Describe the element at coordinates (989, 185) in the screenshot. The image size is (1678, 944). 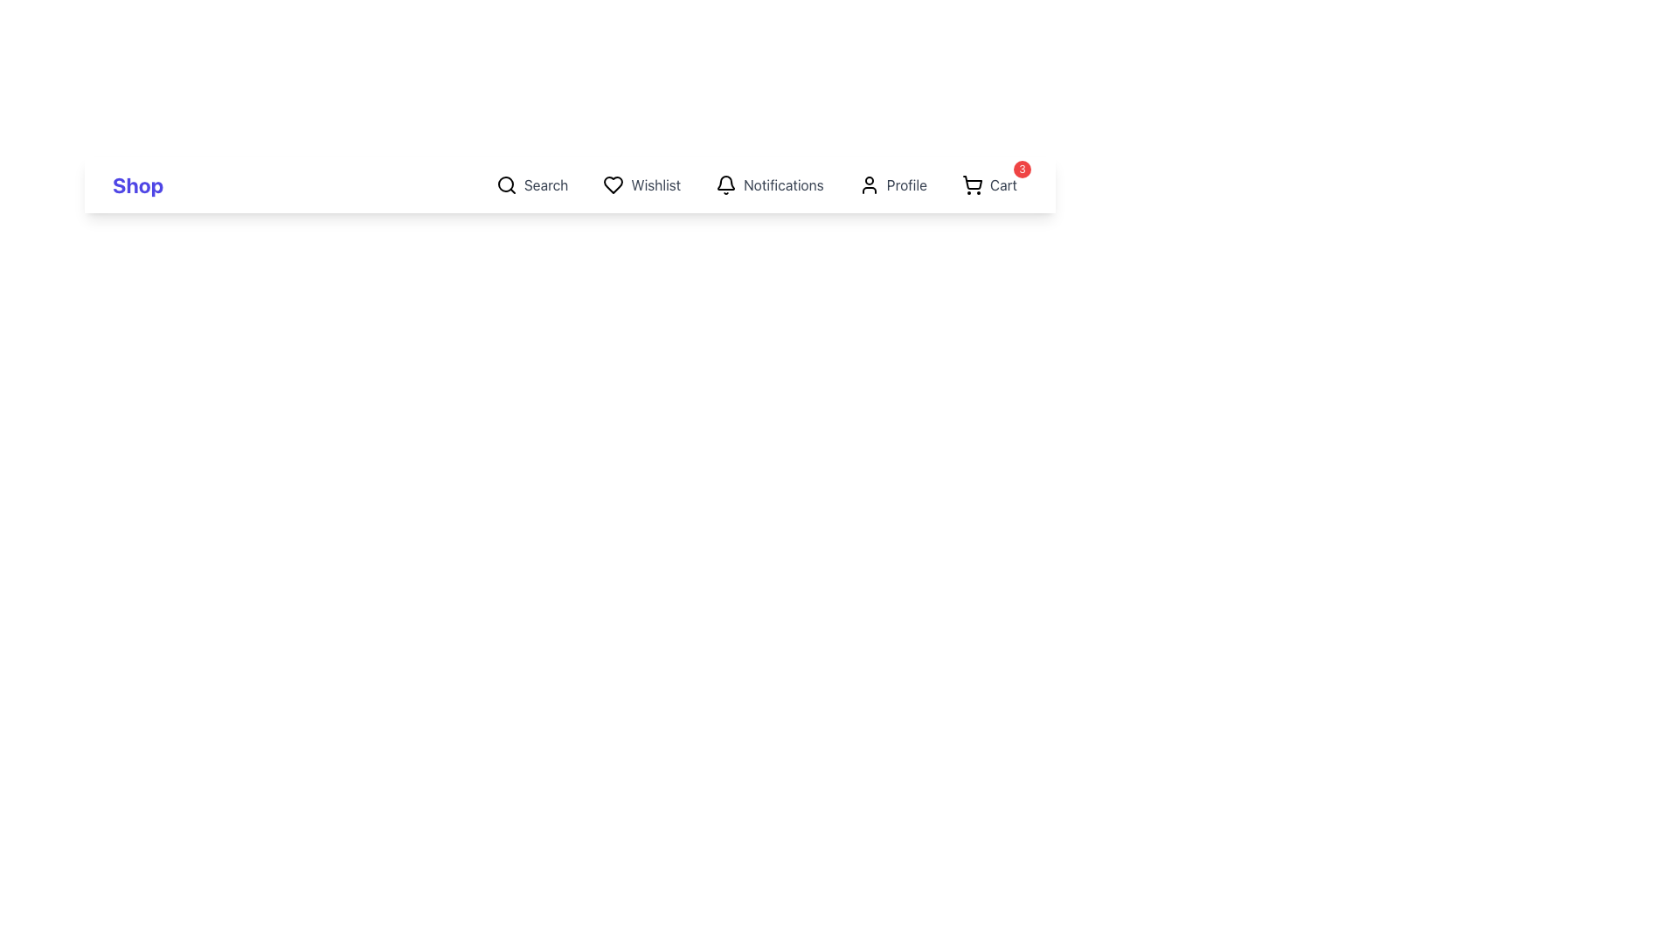
I see `the shopping cart icon labeled 'Cart' with a red badge showing '3'` at that location.